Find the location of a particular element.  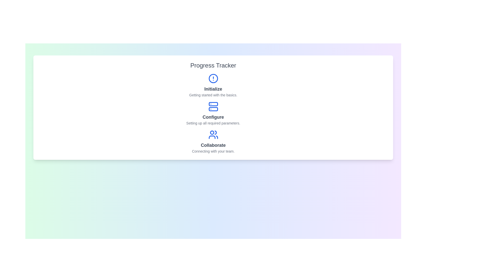

the icon for Configure to reveal more information is located at coordinates (213, 106).